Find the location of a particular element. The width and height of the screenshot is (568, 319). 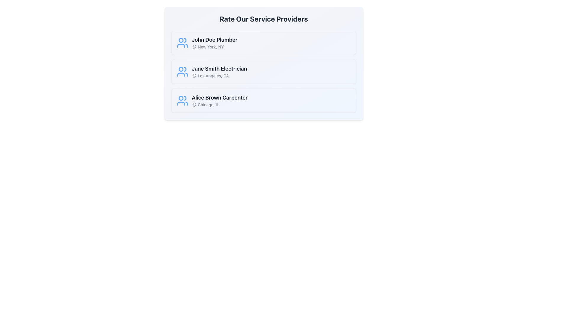

the third entry in the vertical list displaying 'Alice Brown Carpenter' with the icon of a group of people to the left is located at coordinates (212, 100).